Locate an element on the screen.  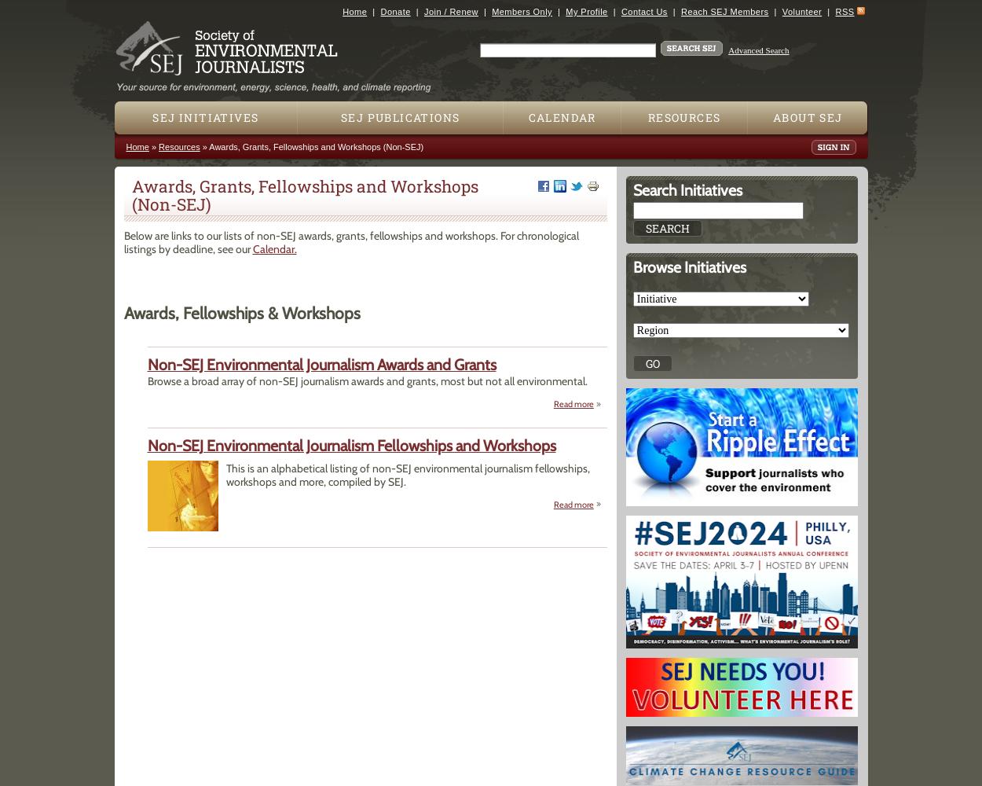
'Resources' is located at coordinates (178, 147).